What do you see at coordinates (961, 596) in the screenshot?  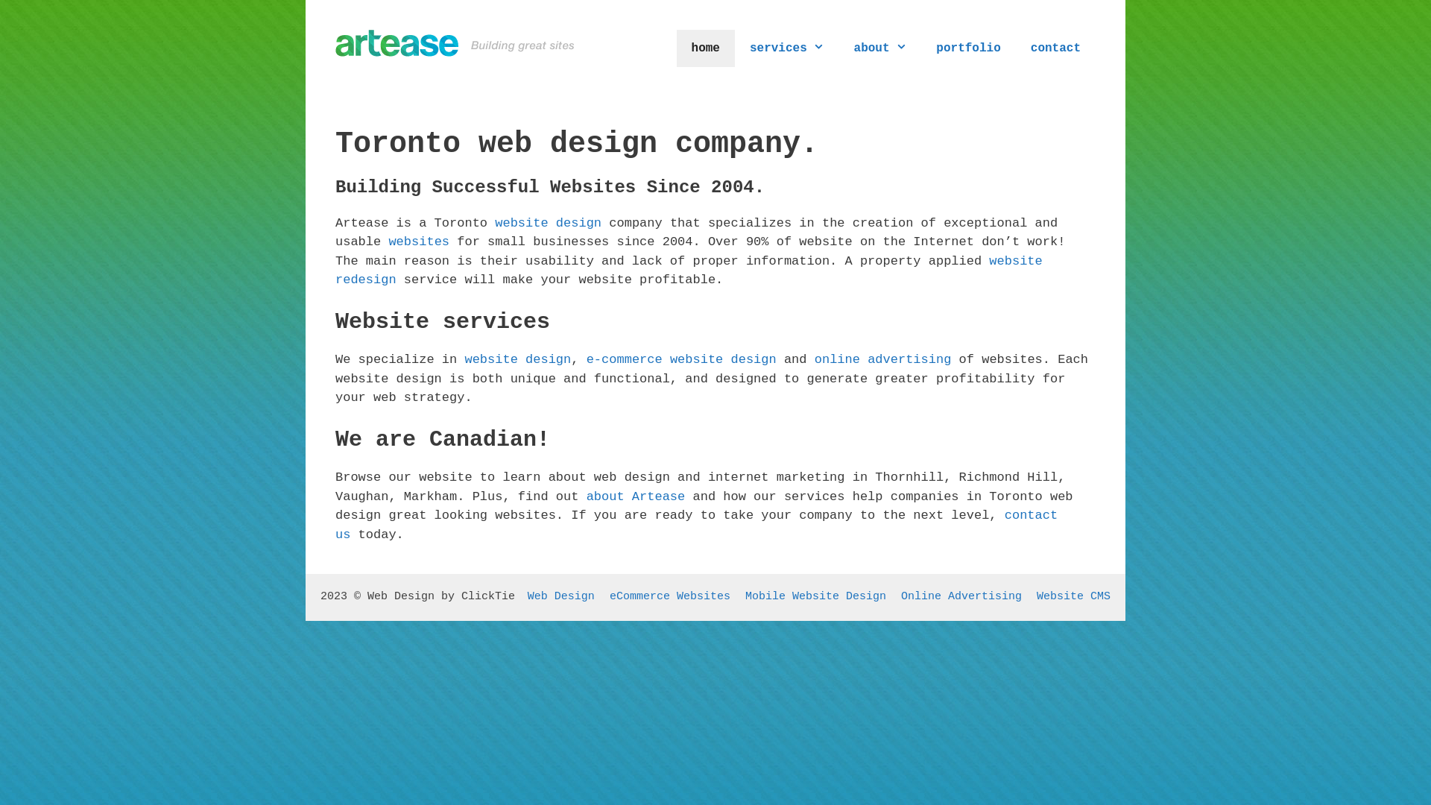 I see `'Online Advertising'` at bounding box center [961, 596].